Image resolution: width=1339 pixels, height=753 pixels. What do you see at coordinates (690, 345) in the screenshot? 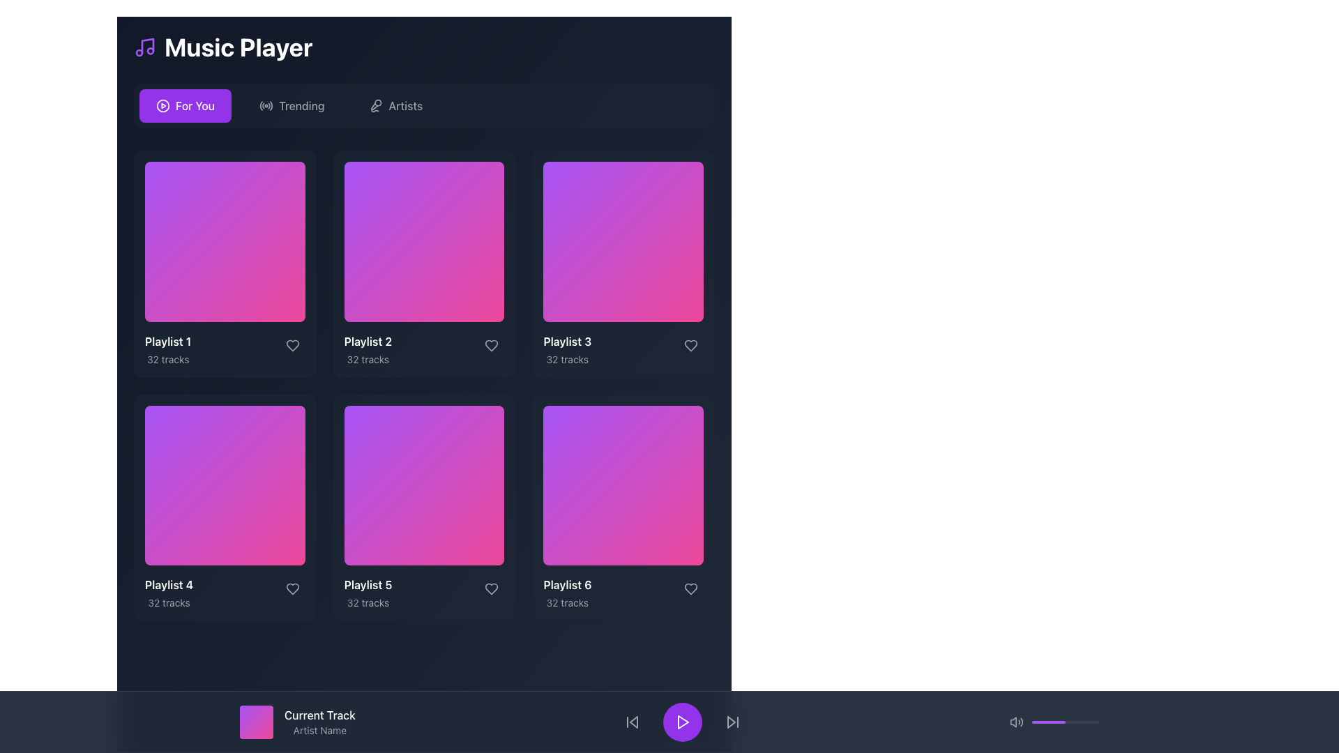
I see `the heart-shaped icon located at the bottom-right corner of the third playlist card in the top row of the music player to mark the playlist as a favorite` at bounding box center [690, 345].